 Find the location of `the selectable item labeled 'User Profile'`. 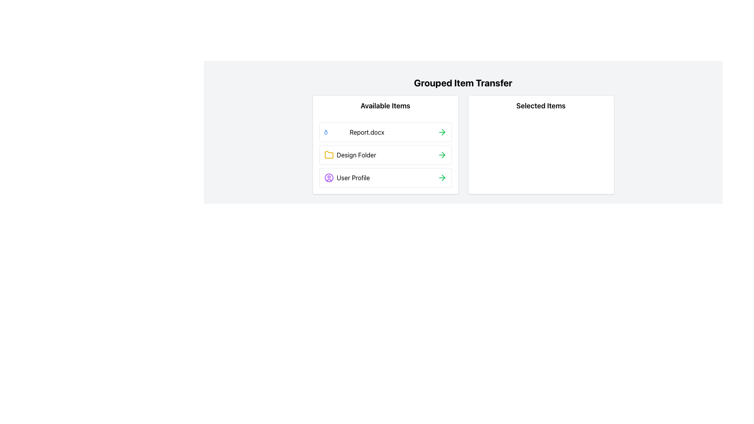

the selectable item labeled 'User Profile' is located at coordinates (346, 177).